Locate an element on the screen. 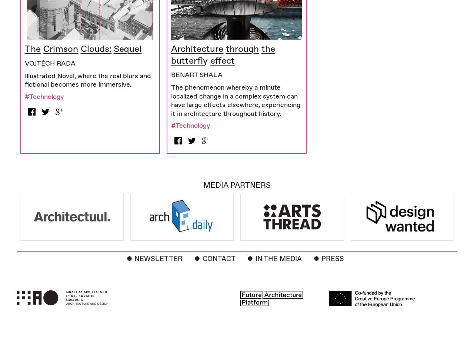 This screenshot has width=474, height=340. 'The Crimson Clouds: Sequel' is located at coordinates (83, 49).